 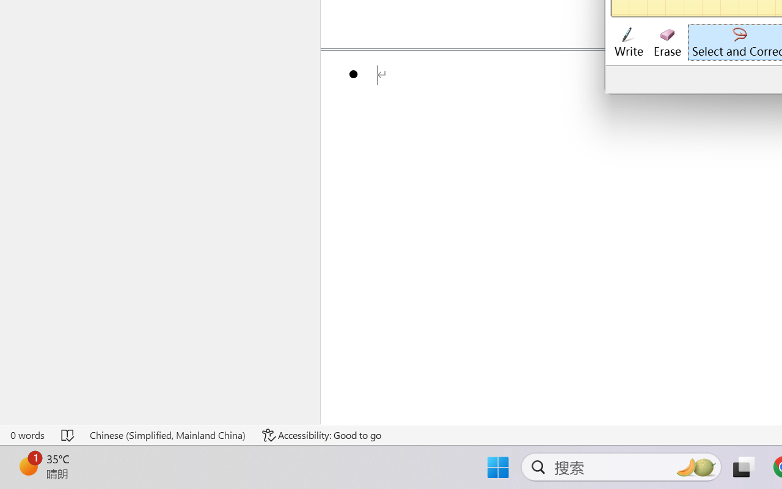 What do you see at coordinates (667, 42) in the screenshot?
I see `'Erase'` at bounding box center [667, 42].